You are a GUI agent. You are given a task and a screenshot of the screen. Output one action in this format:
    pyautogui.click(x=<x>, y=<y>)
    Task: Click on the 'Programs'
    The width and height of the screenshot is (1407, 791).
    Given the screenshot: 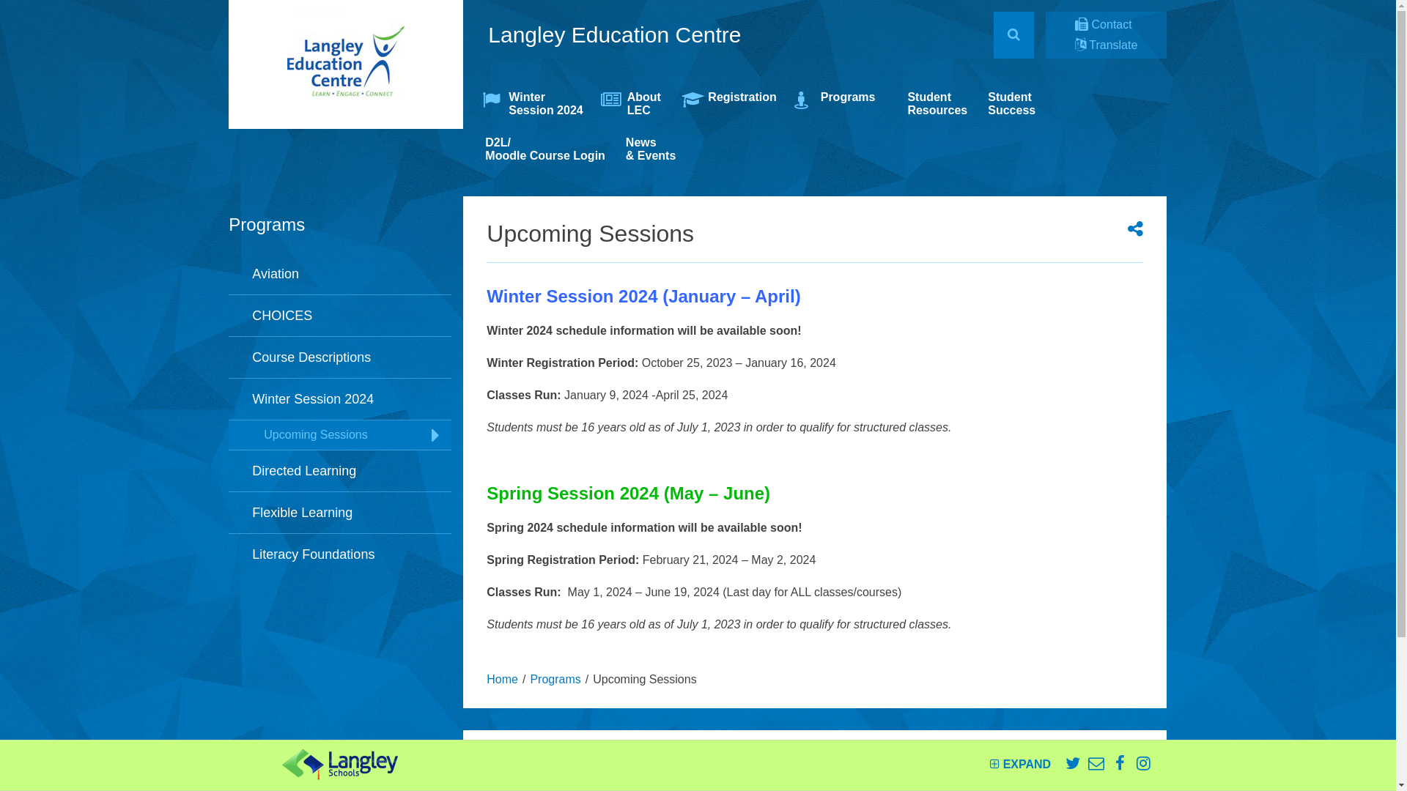 What is the action you would take?
    pyautogui.click(x=554, y=679)
    